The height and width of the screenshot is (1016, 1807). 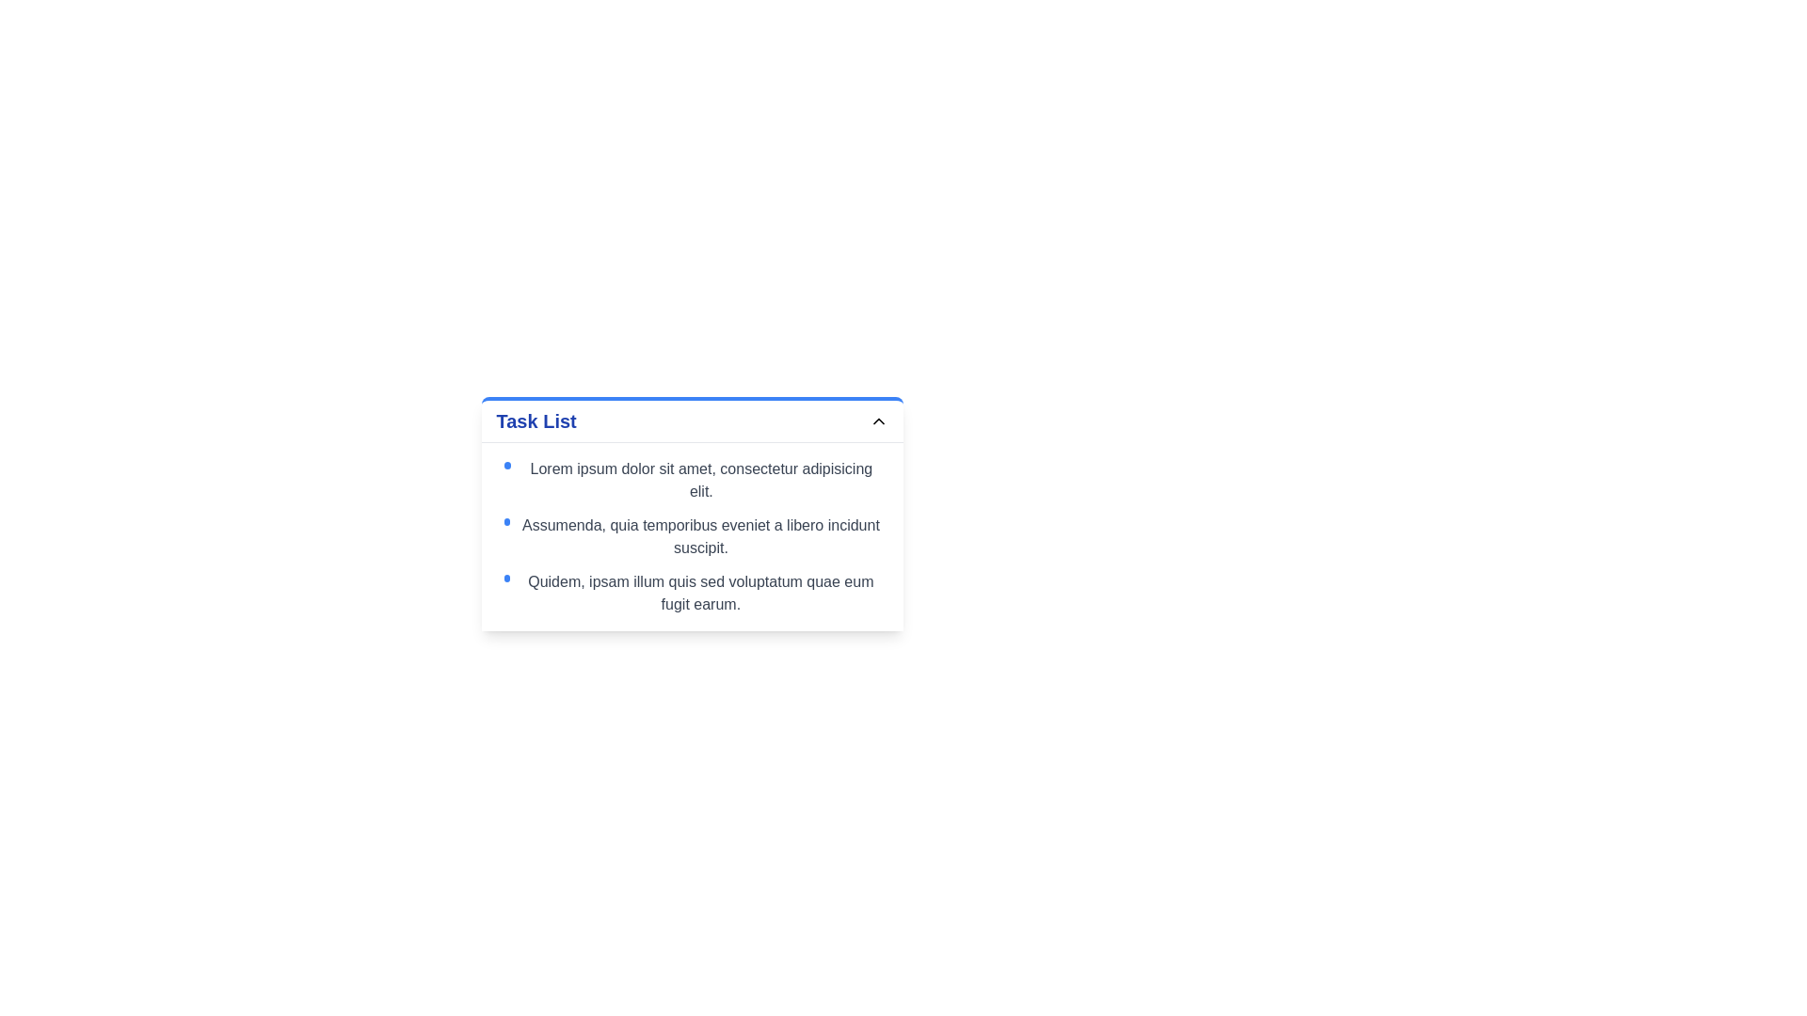 I want to click on the text label that reads "Quidem, ipsam illum quis sed voluptatum quae eum fugit earum." which is the last item in a vertically stacked list within the "Task List" card, so click(x=699, y=594).